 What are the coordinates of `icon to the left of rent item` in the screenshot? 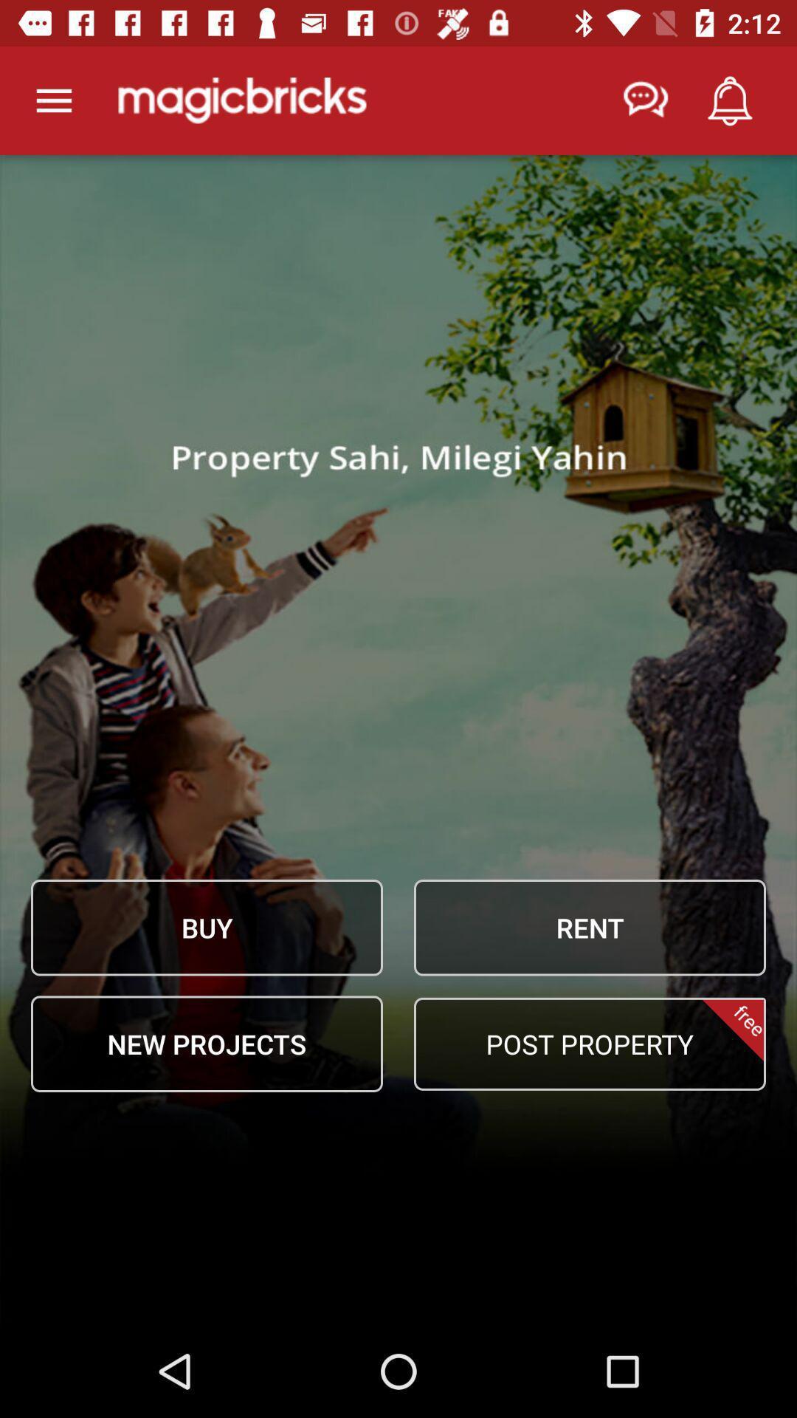 It's located at (207, 927).